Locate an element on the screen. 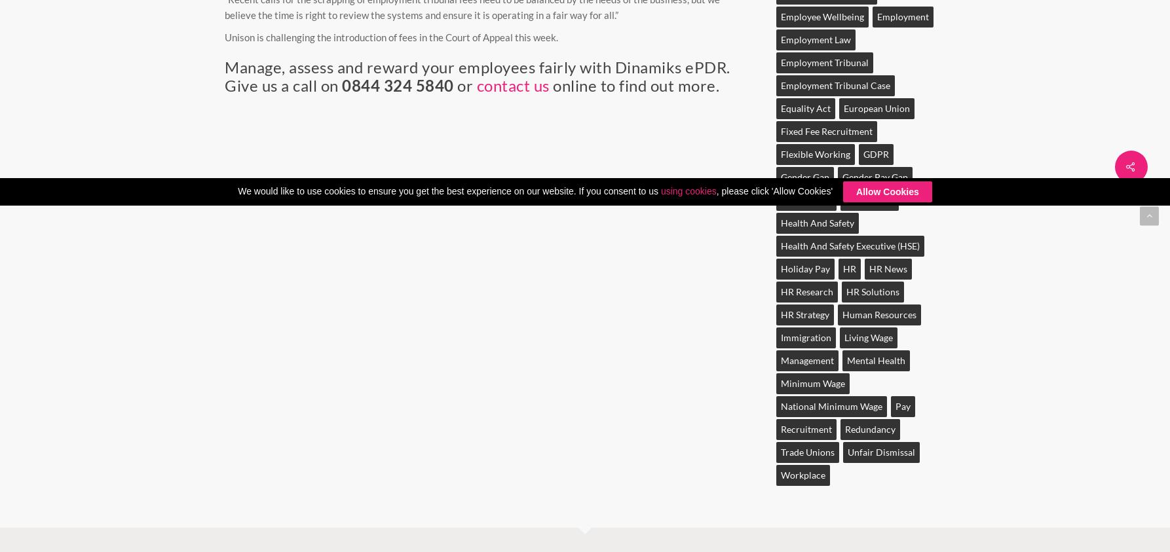  'or' is located at coordinates (464, 84).